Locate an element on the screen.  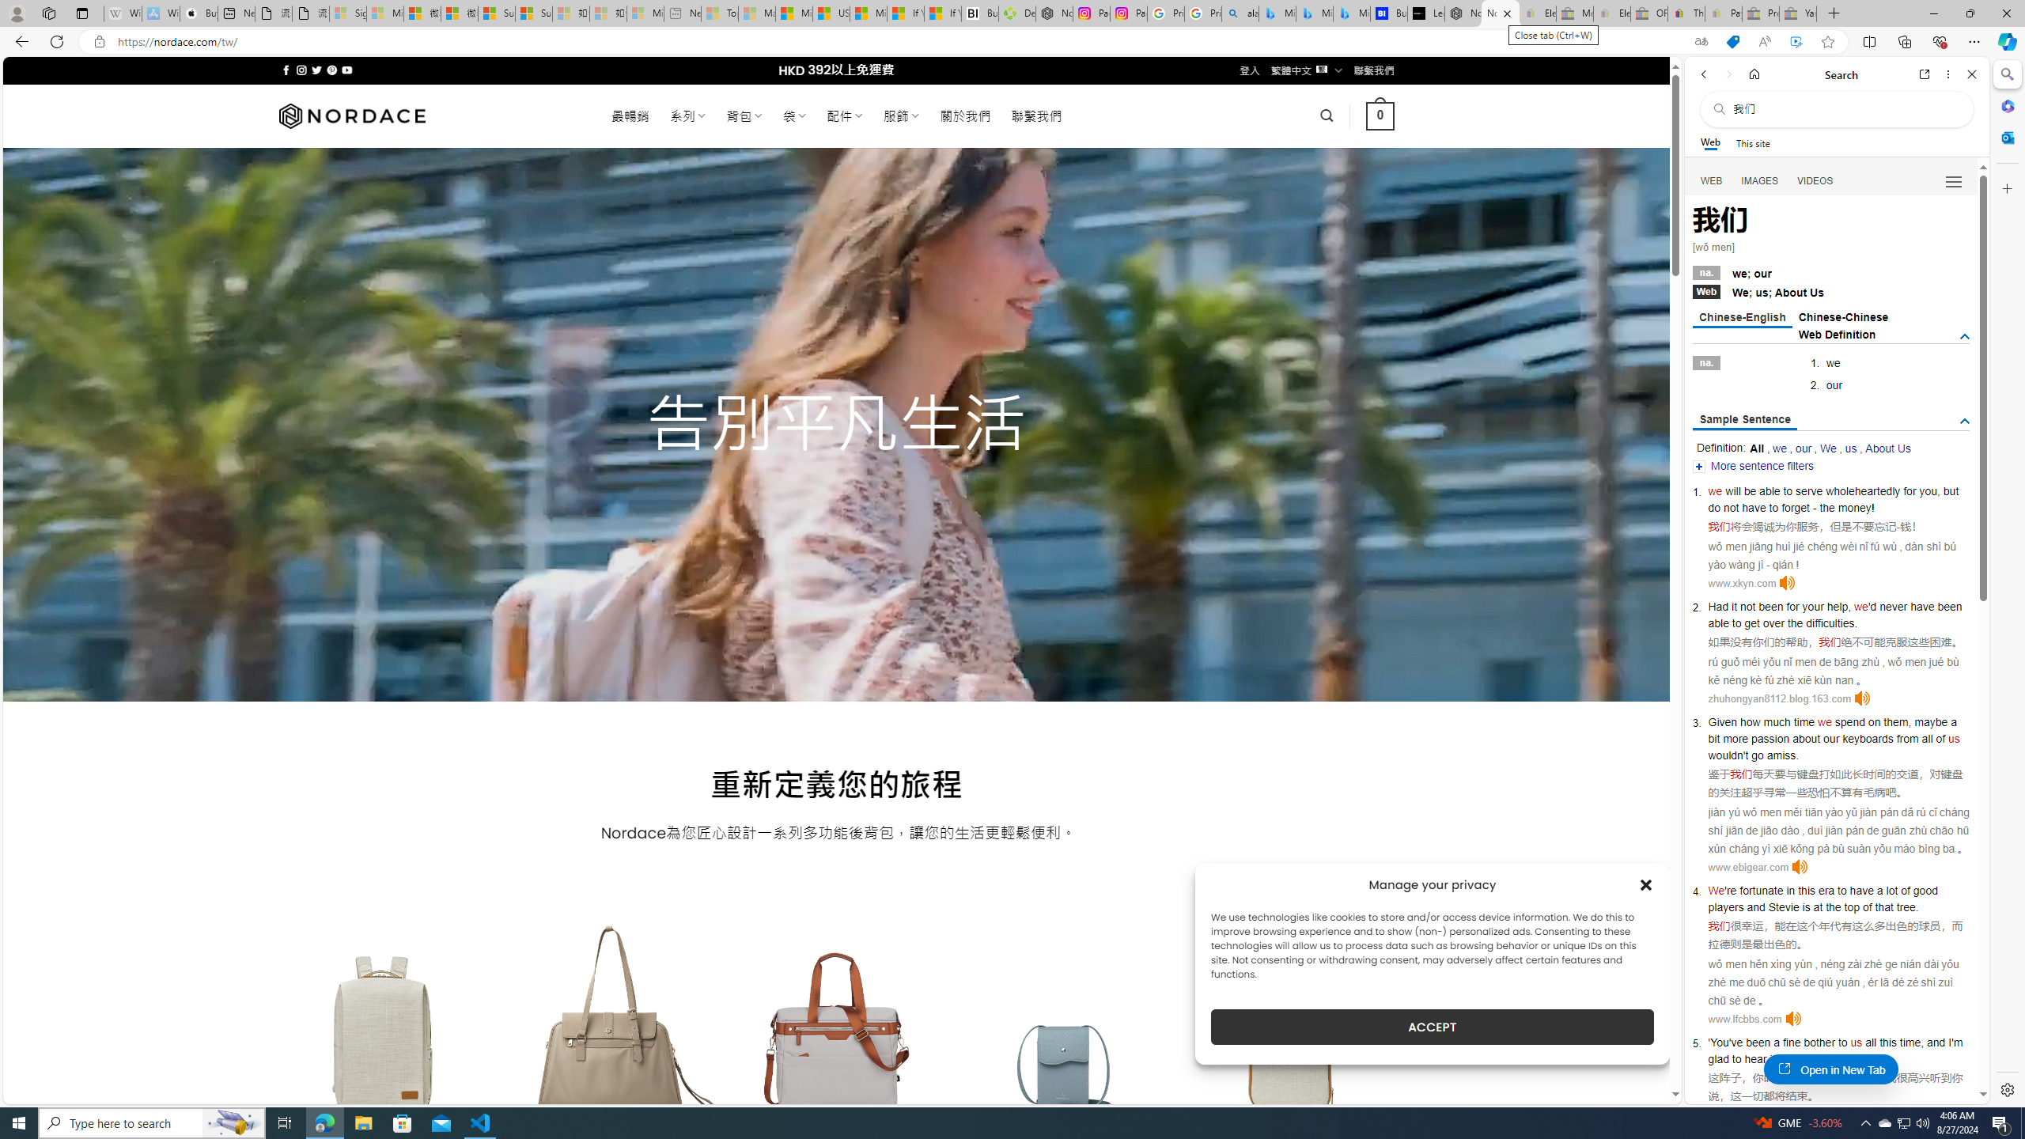
'Sign in to your Microsoft account - Sleeping' is located at coordinates (347, 13).